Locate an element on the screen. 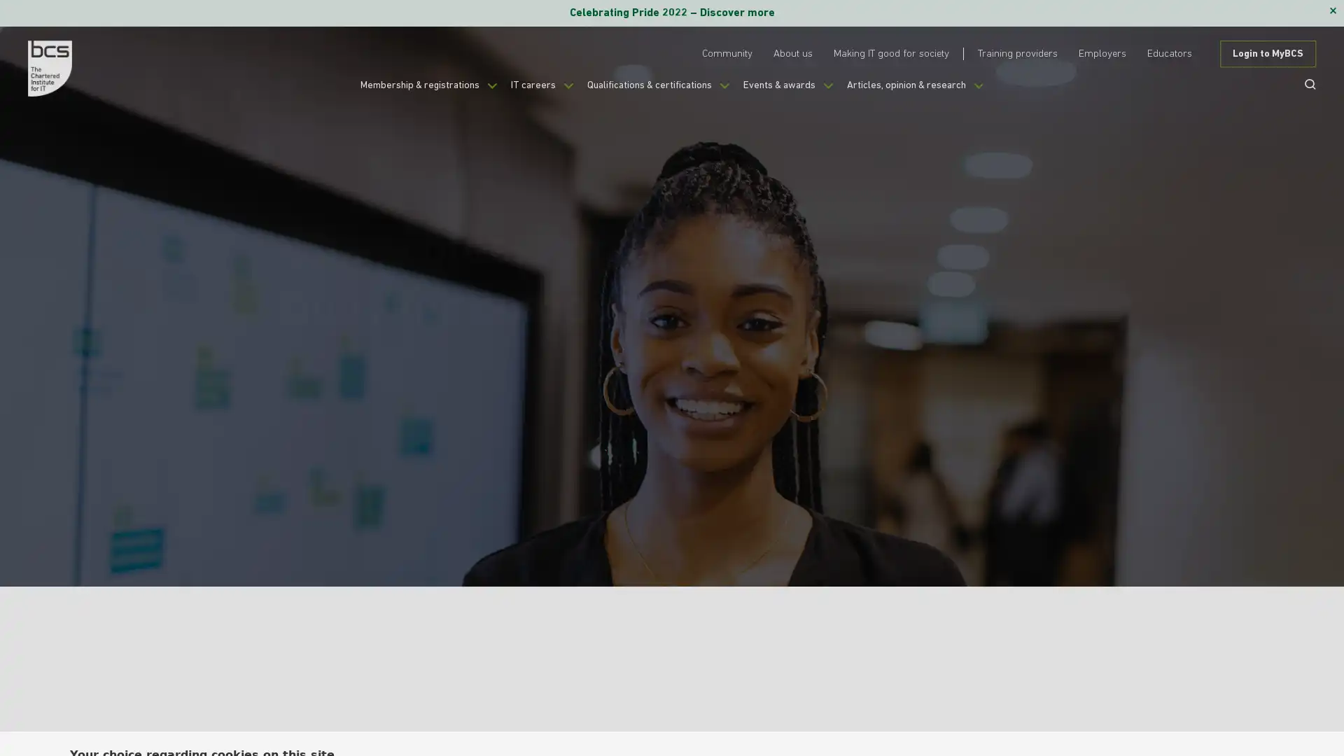  Qualifications & certifications is located at coordinates (657, 92).